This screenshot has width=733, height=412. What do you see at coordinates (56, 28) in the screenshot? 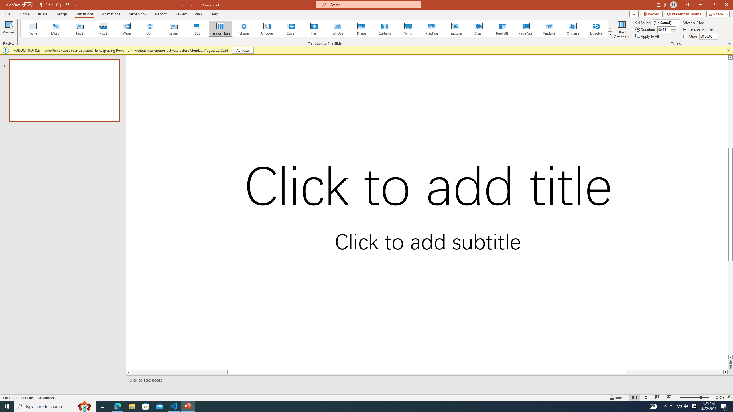
I see `'Morph'` at bounding box center [56, 28].